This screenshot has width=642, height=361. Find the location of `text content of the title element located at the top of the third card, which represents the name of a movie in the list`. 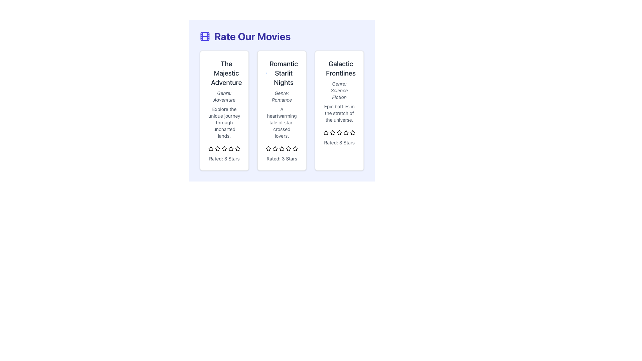

text content of the title element located at the top of the third card, which represents the name of a movie in the list is located at coordinates (341, 68).